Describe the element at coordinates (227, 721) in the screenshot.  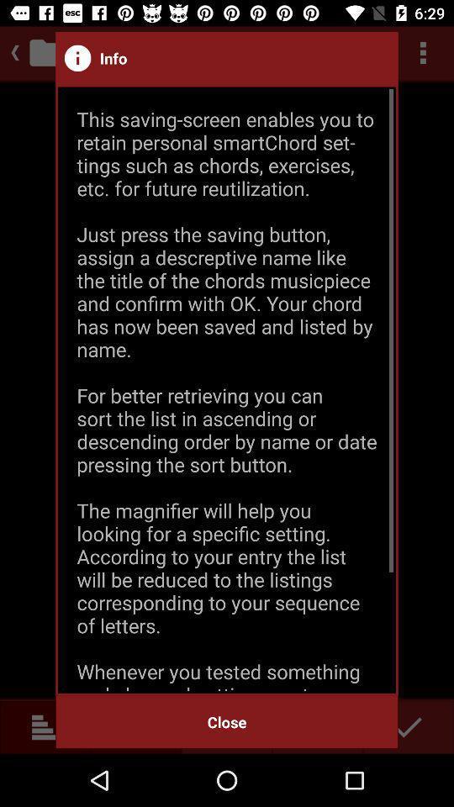
I see `the icon at the bottom` at that location.